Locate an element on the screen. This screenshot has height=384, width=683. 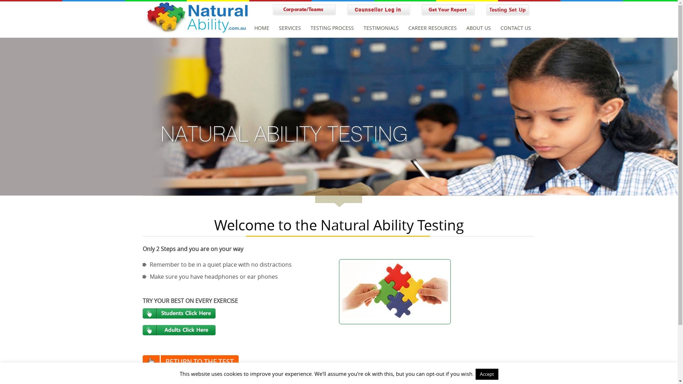
'TESTING PROCESS' is located at coordinates (306, 27).